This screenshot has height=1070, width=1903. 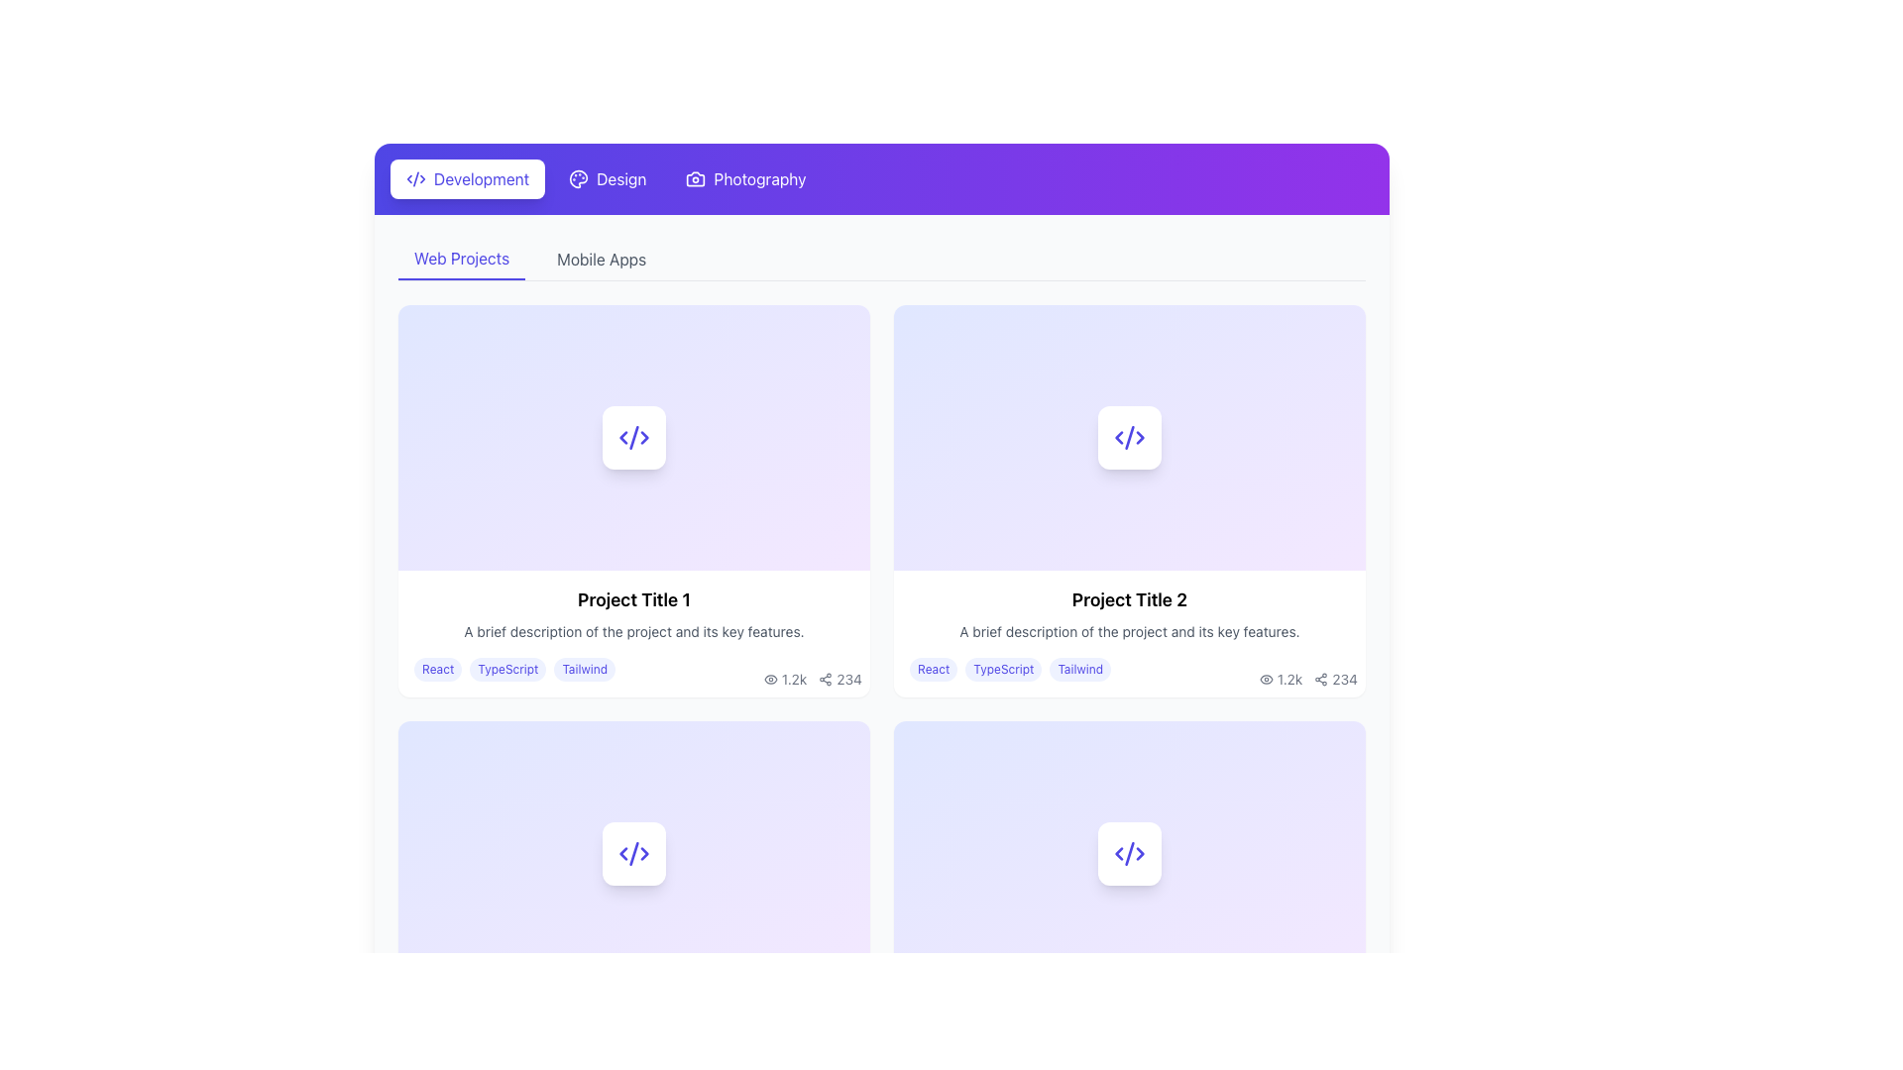 What do you see at coordinates (620, 179) in the screenshot?
I see `the 'Design' text label, which is the last option in the navigation menu at the top of the interface` at bounding box center [620, 179].